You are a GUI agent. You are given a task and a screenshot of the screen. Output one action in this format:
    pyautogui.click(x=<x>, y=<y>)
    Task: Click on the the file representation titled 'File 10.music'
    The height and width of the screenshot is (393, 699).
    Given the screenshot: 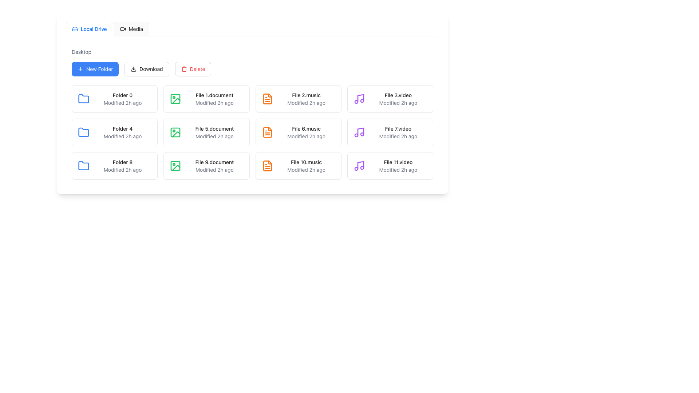 What is the action you would take?
    pyautogui.click(x=306, y=166)
    